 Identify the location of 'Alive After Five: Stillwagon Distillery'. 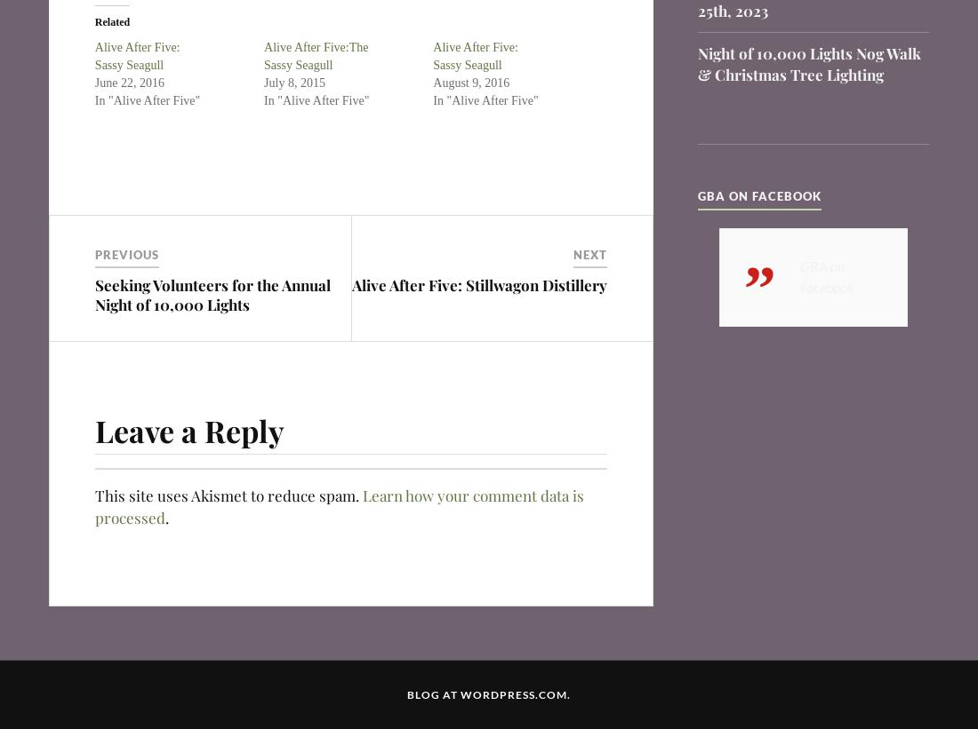
(352, 284).